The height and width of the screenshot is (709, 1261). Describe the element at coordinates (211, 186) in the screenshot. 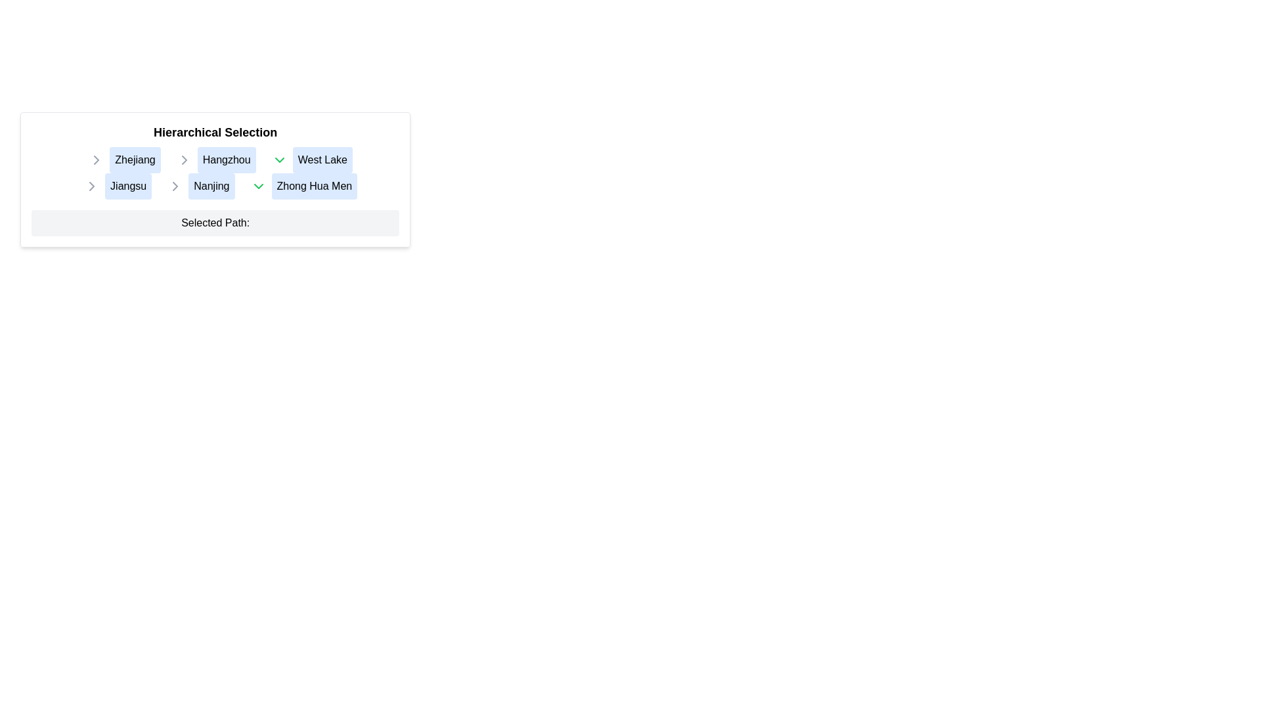

I see `the light blue button labeled 'Nanjing'` at that location.